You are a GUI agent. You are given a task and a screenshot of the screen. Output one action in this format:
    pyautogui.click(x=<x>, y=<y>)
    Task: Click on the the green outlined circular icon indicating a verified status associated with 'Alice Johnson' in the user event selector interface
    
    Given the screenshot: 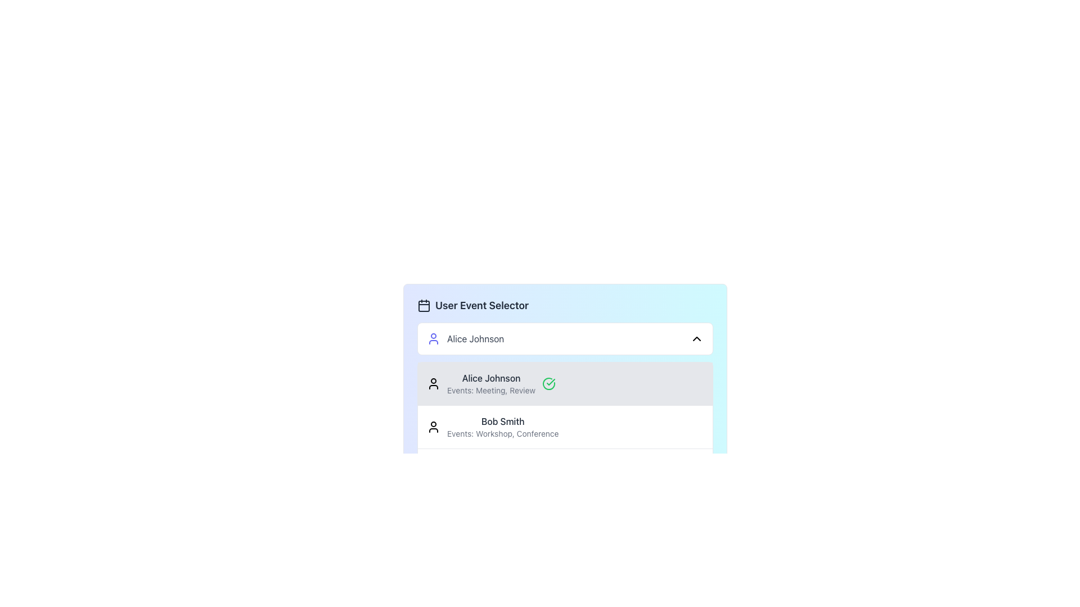 What is the action you would take?
    pyautogui.click(x=551, y=381)
    